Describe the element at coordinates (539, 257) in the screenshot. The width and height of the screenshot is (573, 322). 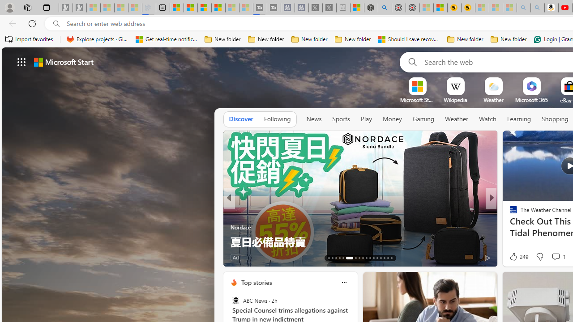
I see `'Dislike'` at that location.